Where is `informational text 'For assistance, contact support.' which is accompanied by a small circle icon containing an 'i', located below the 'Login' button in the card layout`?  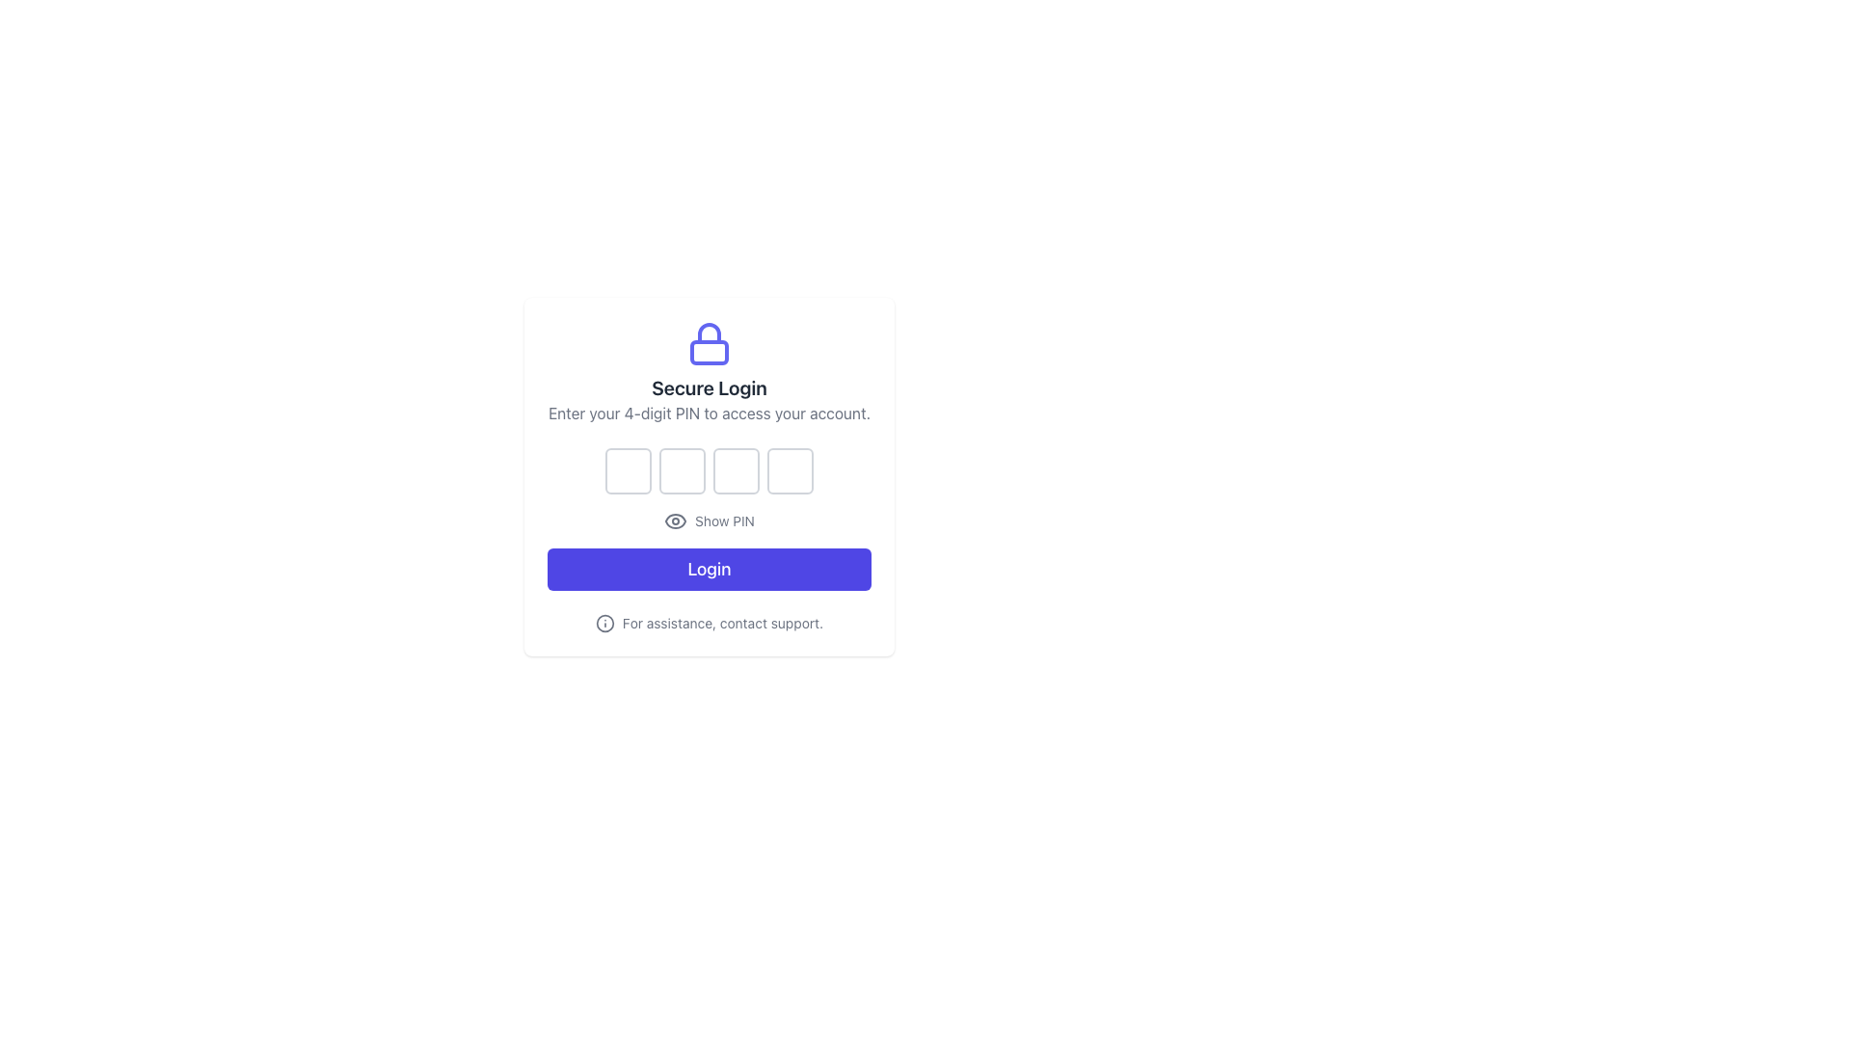
informational text 'For assistance, contact support.' which is accompanied by a small circle icon containing an 'i', located below the 'Login' button in the card layout is located at coordinates (708, 624).